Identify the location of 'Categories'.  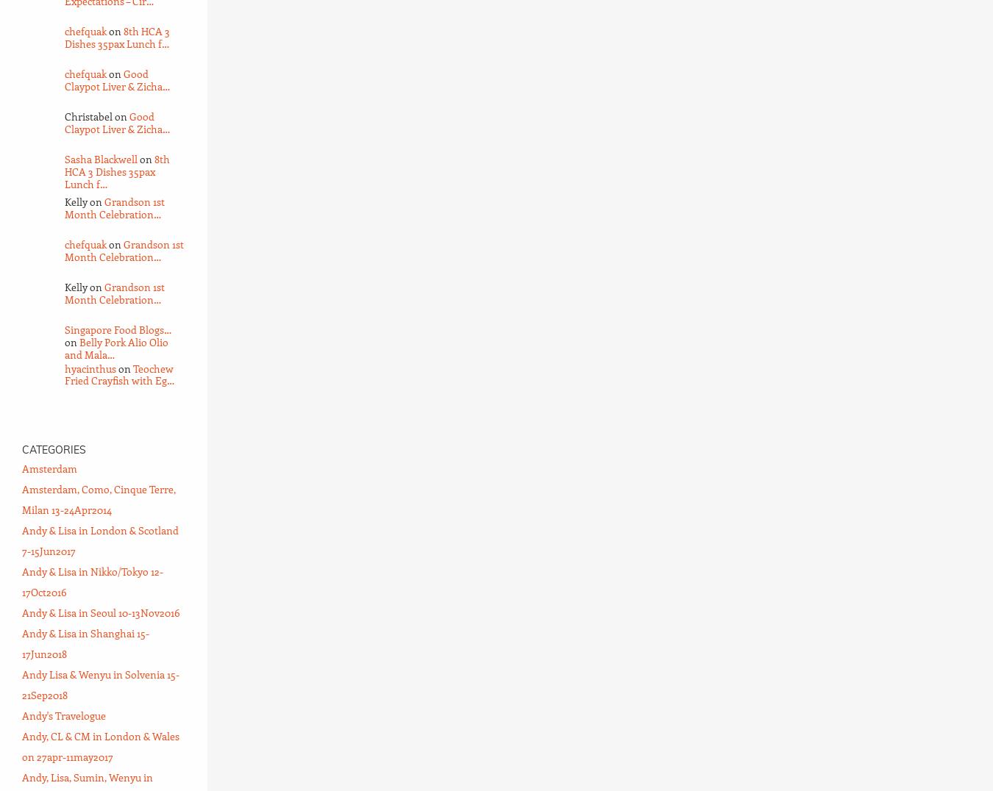
(53, 448).